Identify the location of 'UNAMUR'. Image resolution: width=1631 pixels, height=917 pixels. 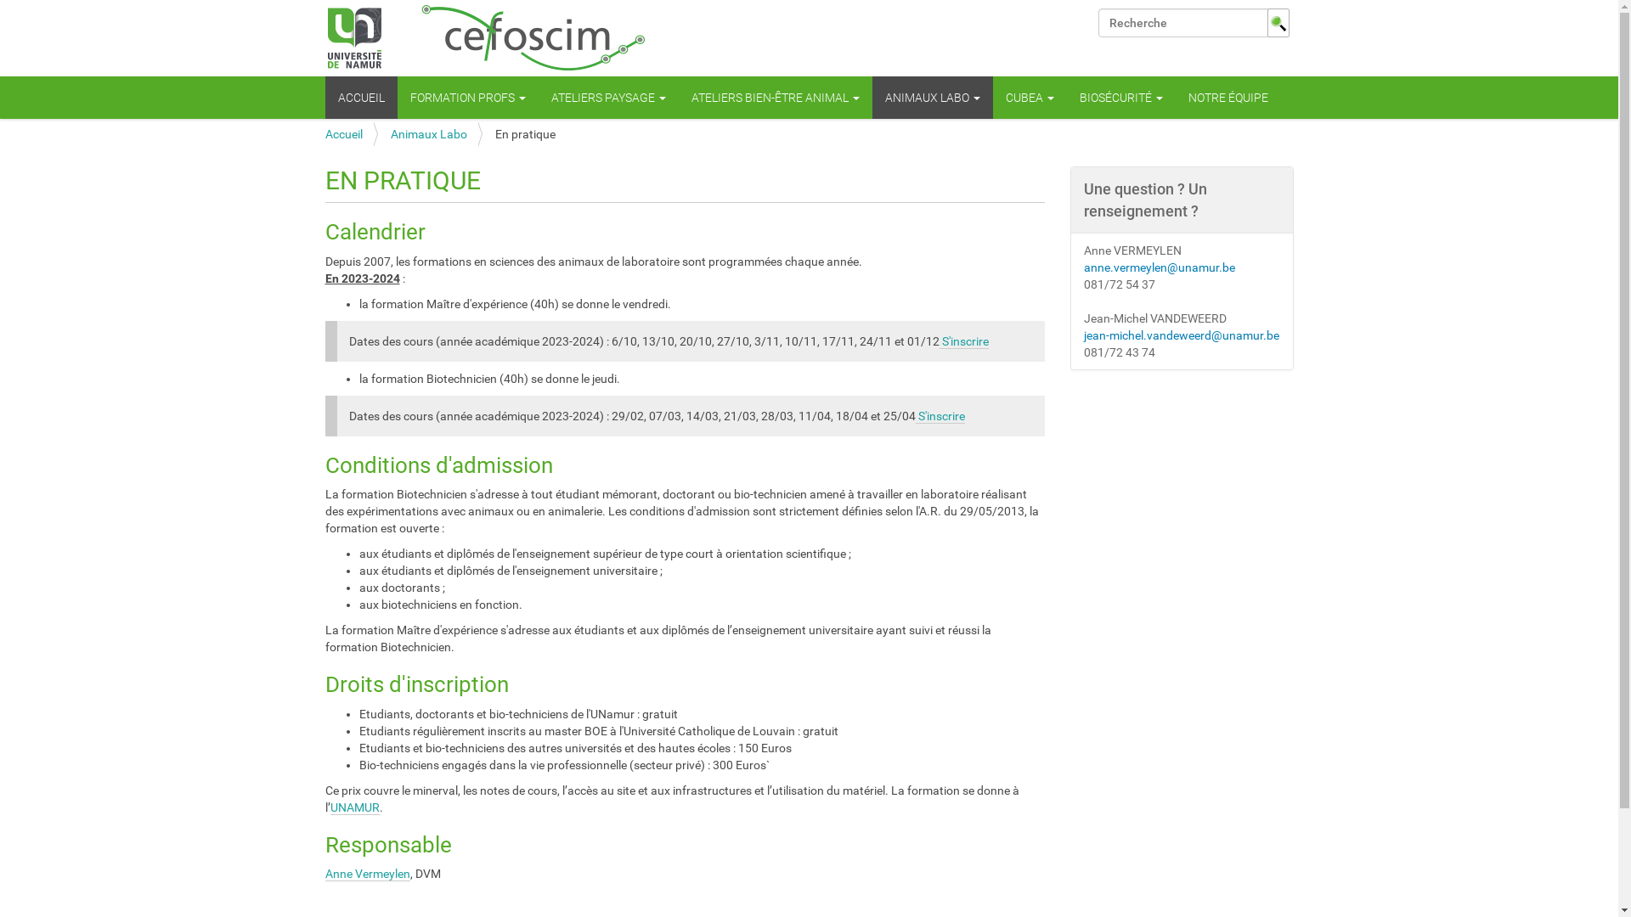
(353, 807).